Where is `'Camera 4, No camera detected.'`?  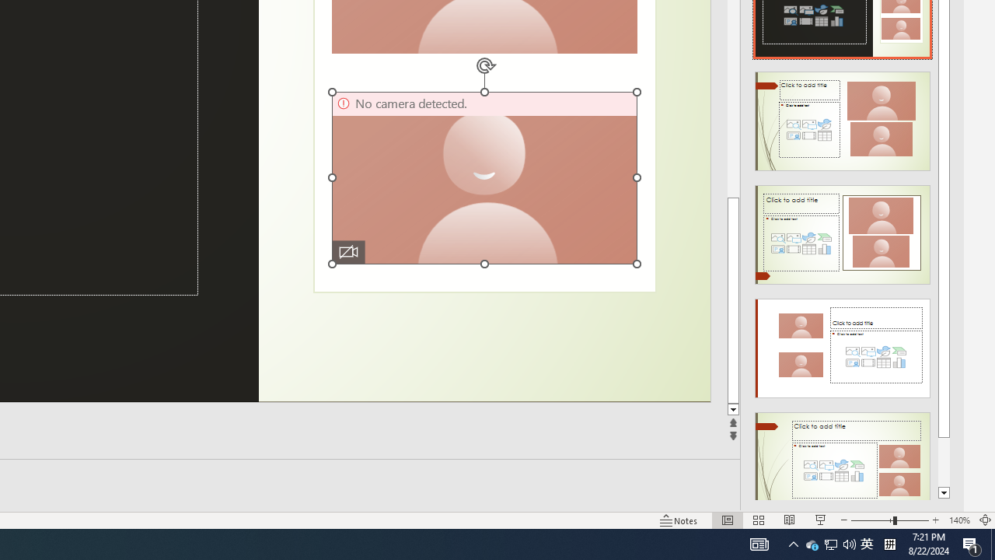 'Camera 4, No camera detected.' is located at coordinates (484, 177).